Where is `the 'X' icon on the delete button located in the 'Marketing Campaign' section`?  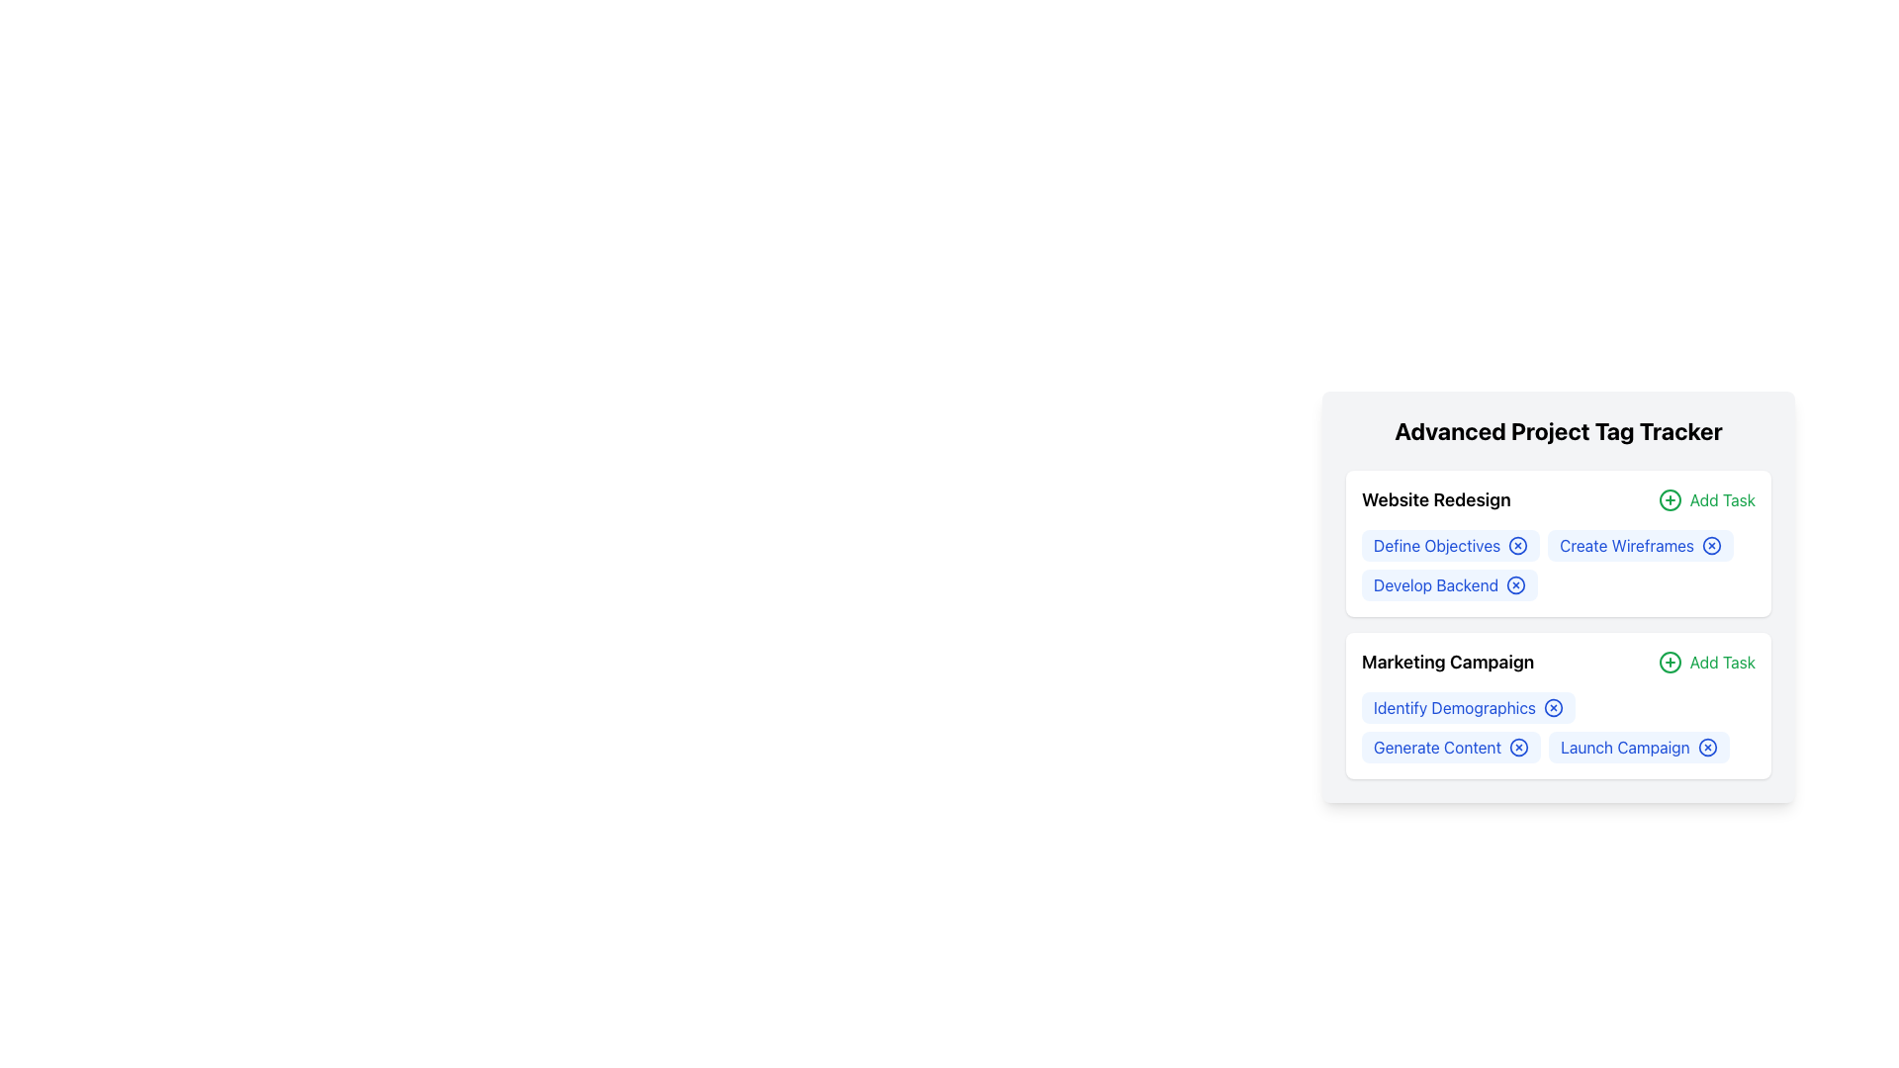
the 'X' icon on the delete button located in the 'Marketing Campaign' section is located at coordinates (1451, 748).